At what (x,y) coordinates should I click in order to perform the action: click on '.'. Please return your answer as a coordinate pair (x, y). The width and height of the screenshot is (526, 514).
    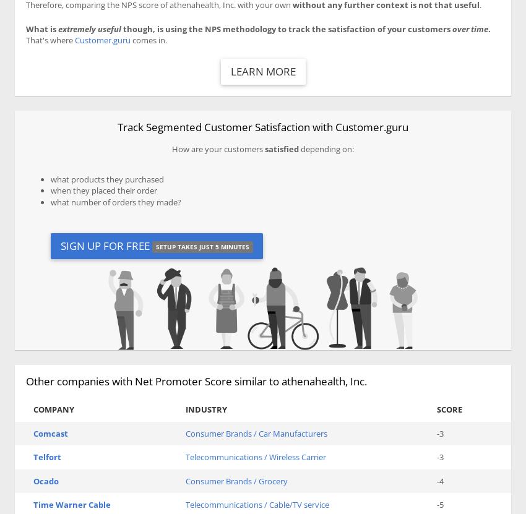
    Looking at the image, I should click on (487, 28).